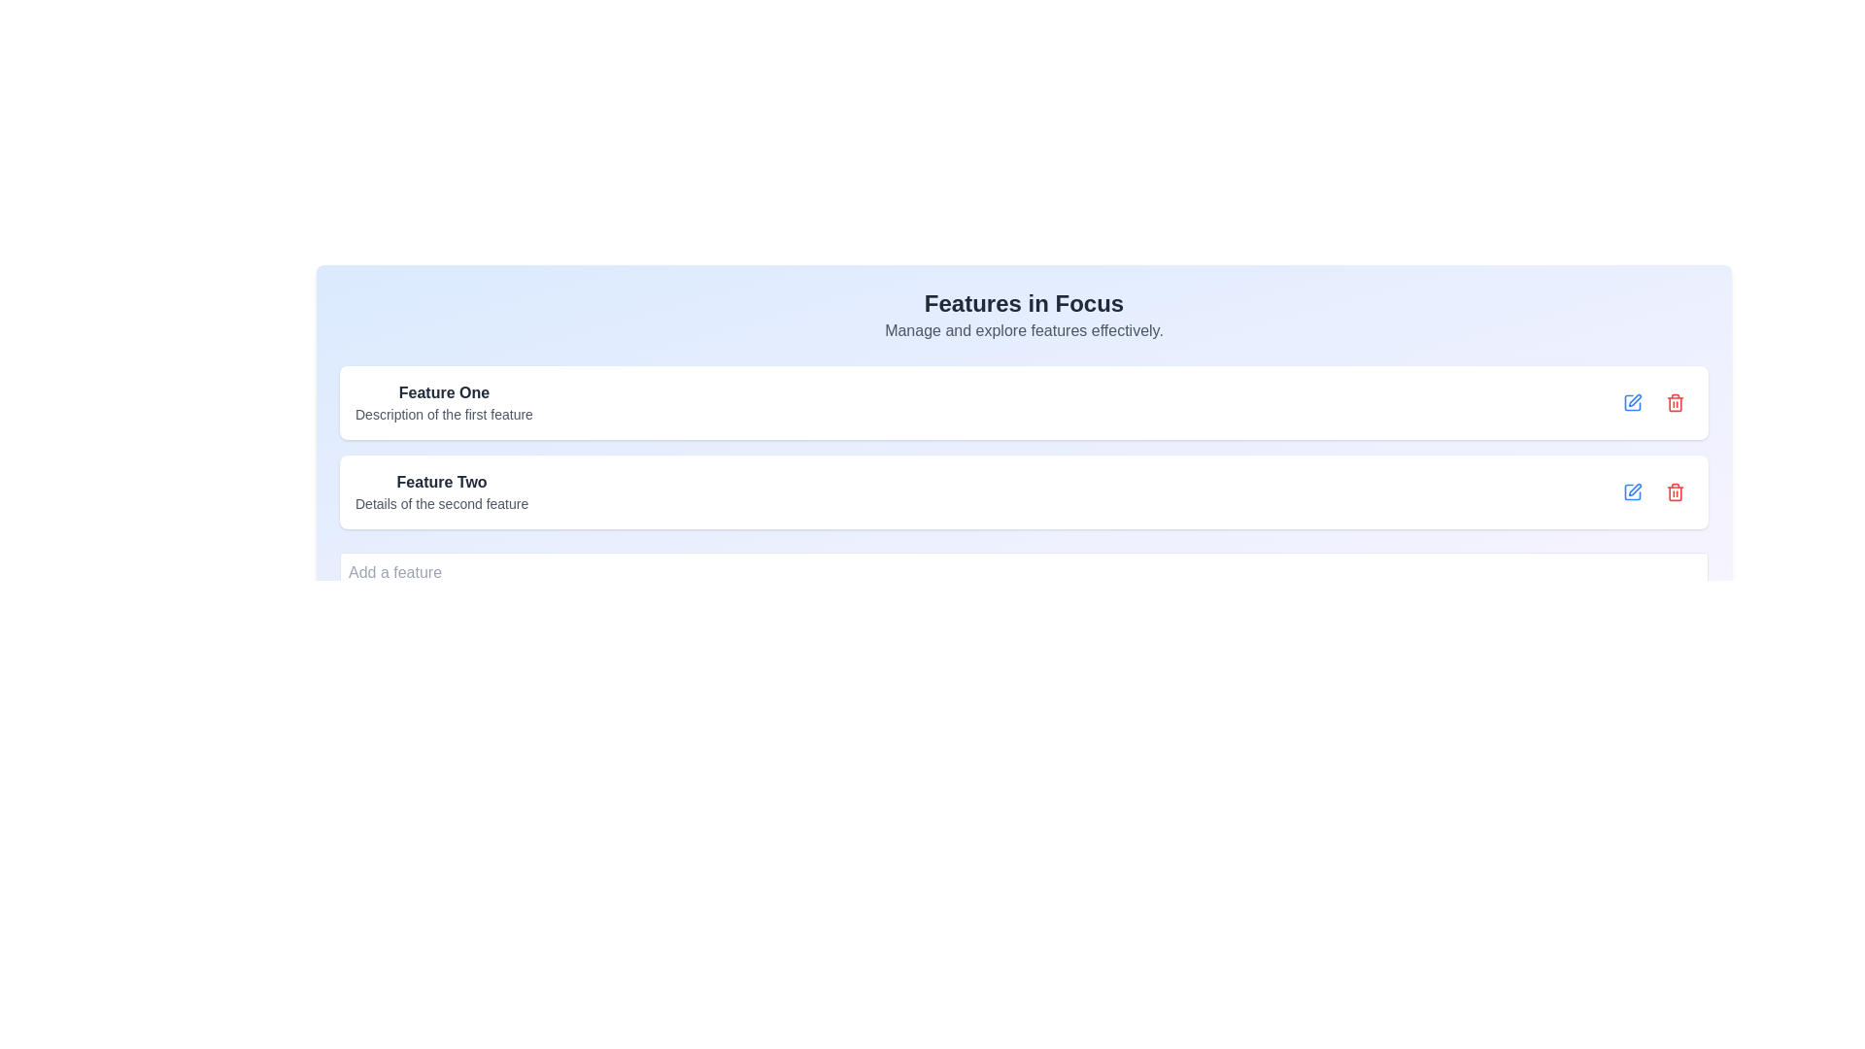 This screenshot has height=1049, width=1865. I want to click on on the text block labeled 'Feature Two', so click(441, 491).